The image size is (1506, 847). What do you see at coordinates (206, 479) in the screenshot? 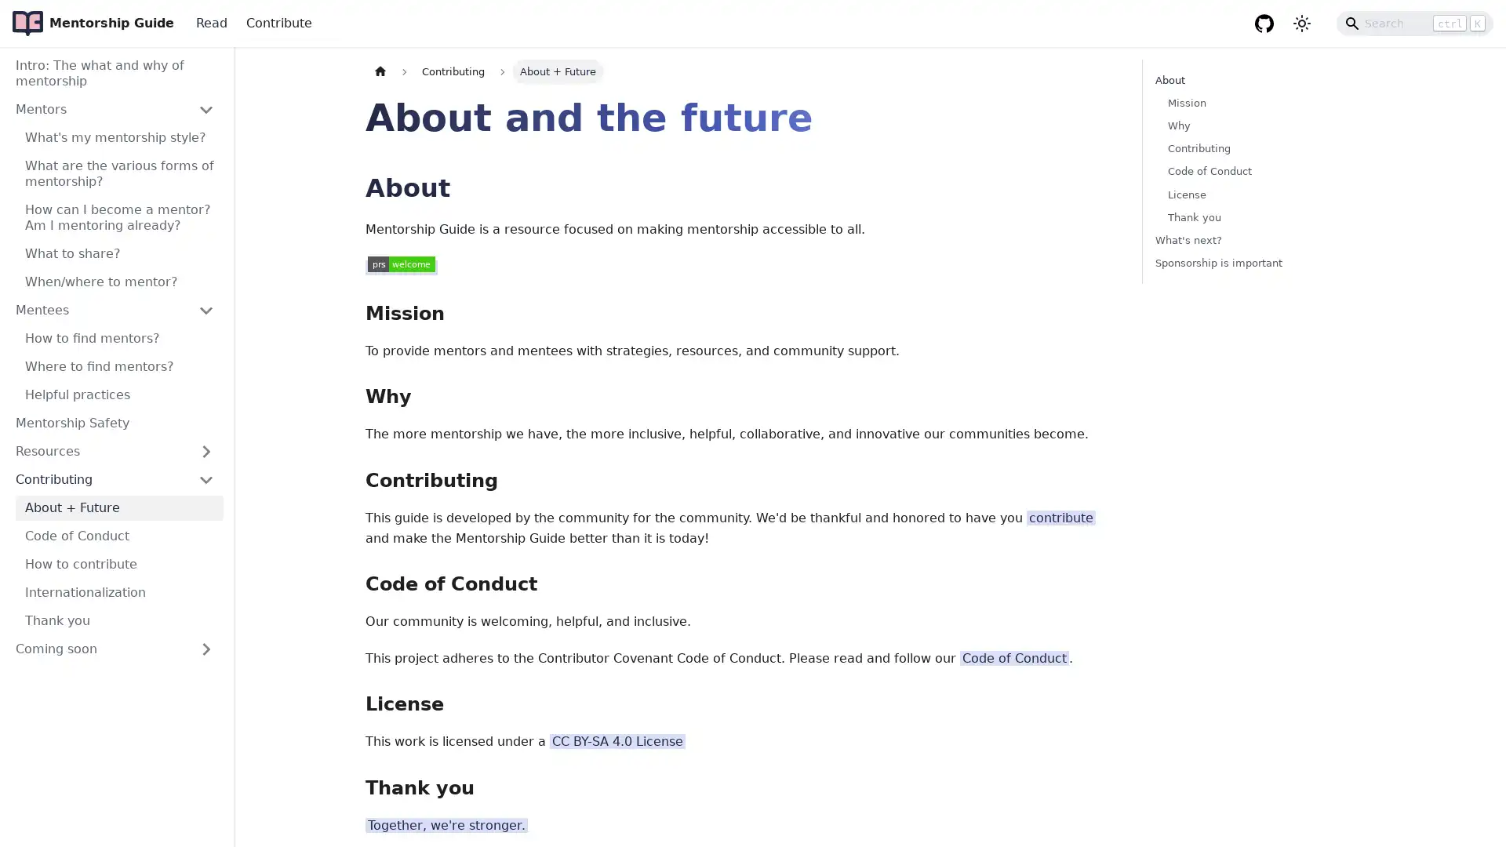
I see `Toggle the collapsible sidebar category 'Contributing'` at bounding box center [206, 479].